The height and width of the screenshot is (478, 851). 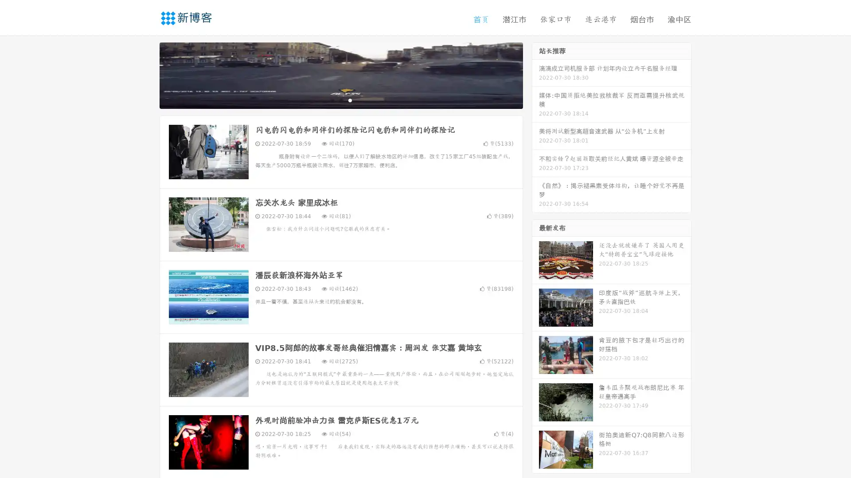 I want to click on Go to slide 3, so click(x=350, y=100).